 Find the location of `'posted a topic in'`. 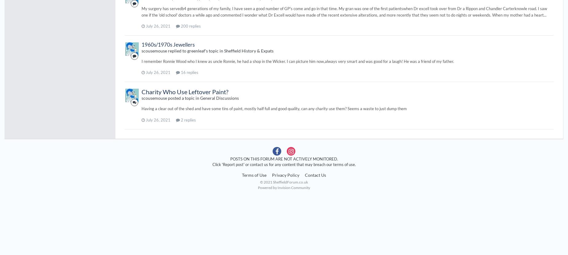

'posted a topic in' is located at coordinates (183, 98).